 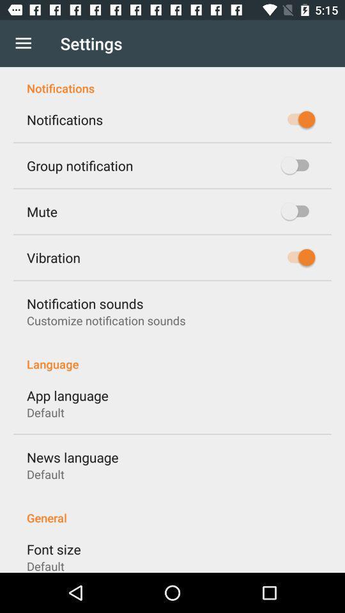 What do you see at coordinates (80, 165) in the screenshot?
I see `icon below the notifications icon` at bounding box center [80, 165].